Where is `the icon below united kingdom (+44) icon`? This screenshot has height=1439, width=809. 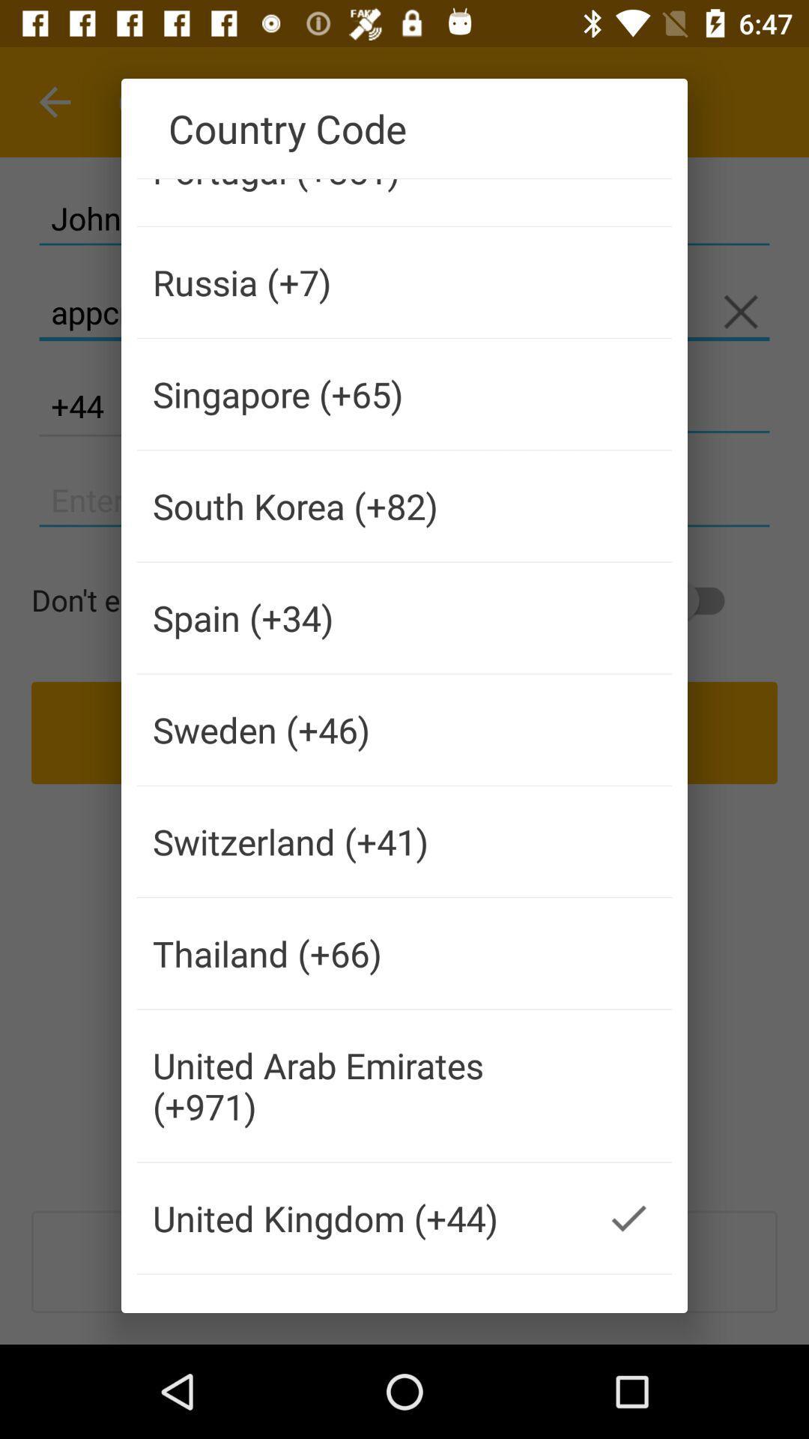 the icon below united kingdom (+44) icon is located at coordinates (361, 1285).